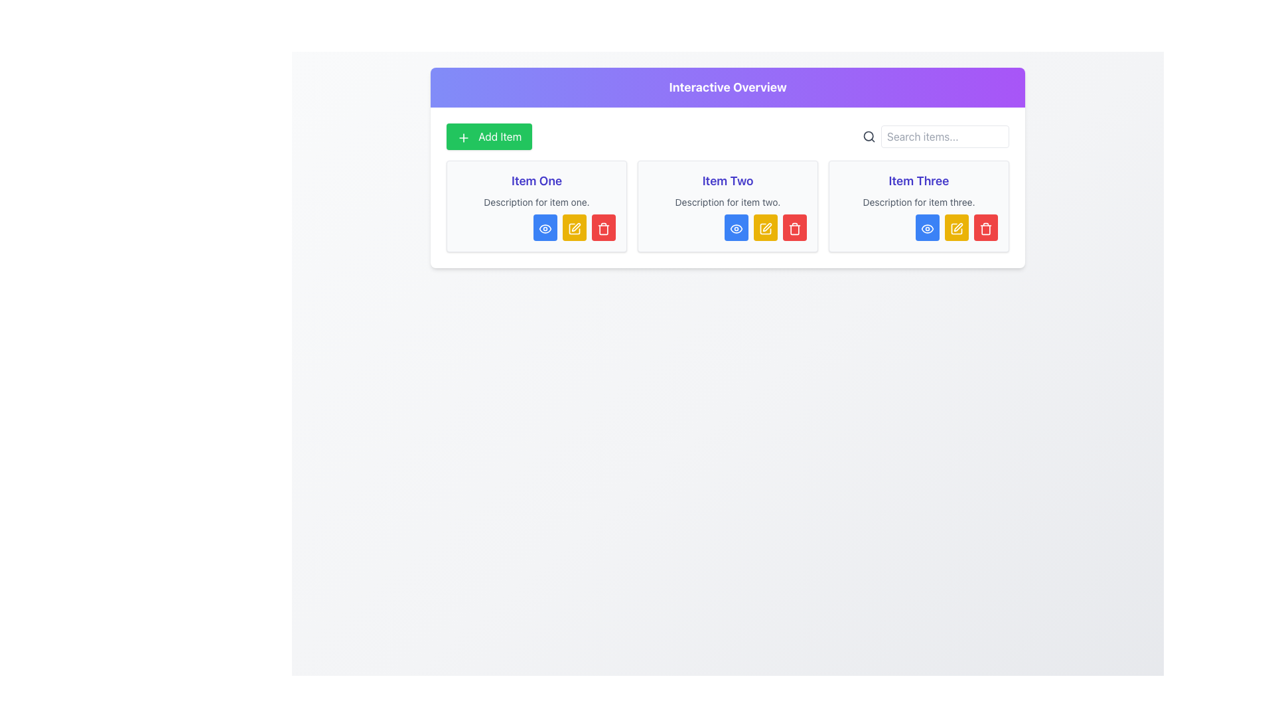 The width and height of the screenshot is (1274, 717). Describe the element at coordinates (926, 227) in the screenshot. I see `the blue eye icon button located in the control panel of 'Item Three'` at that location.